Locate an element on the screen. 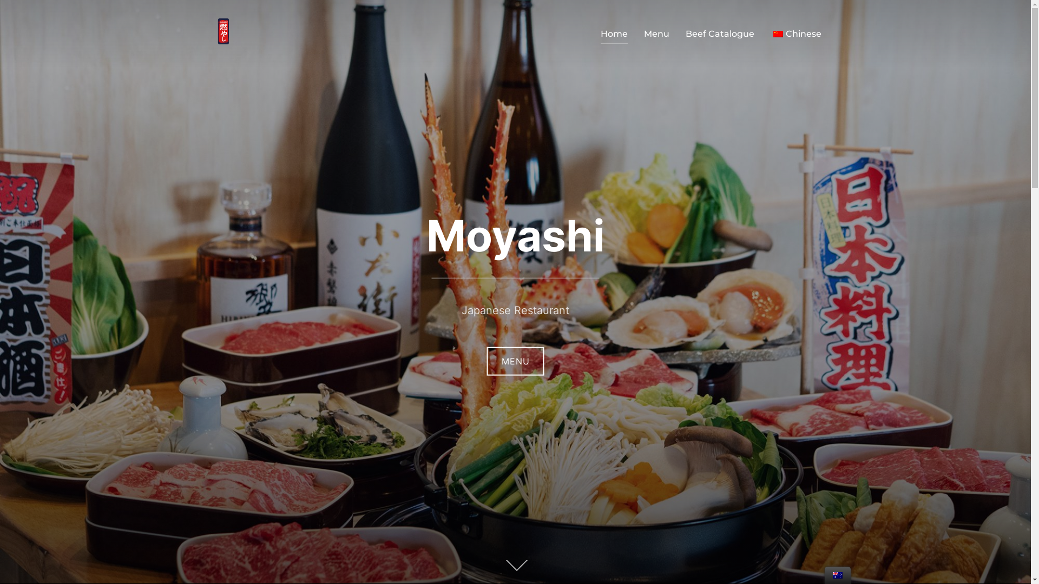  'Menu' is located at coordinates (656, 33).